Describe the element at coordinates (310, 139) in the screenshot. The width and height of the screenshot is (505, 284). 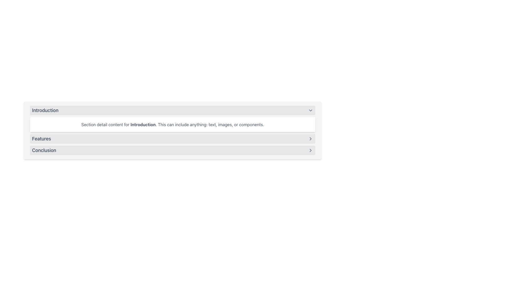
I see `the chevron icon located to the right of the 'Features' section title` at that location.